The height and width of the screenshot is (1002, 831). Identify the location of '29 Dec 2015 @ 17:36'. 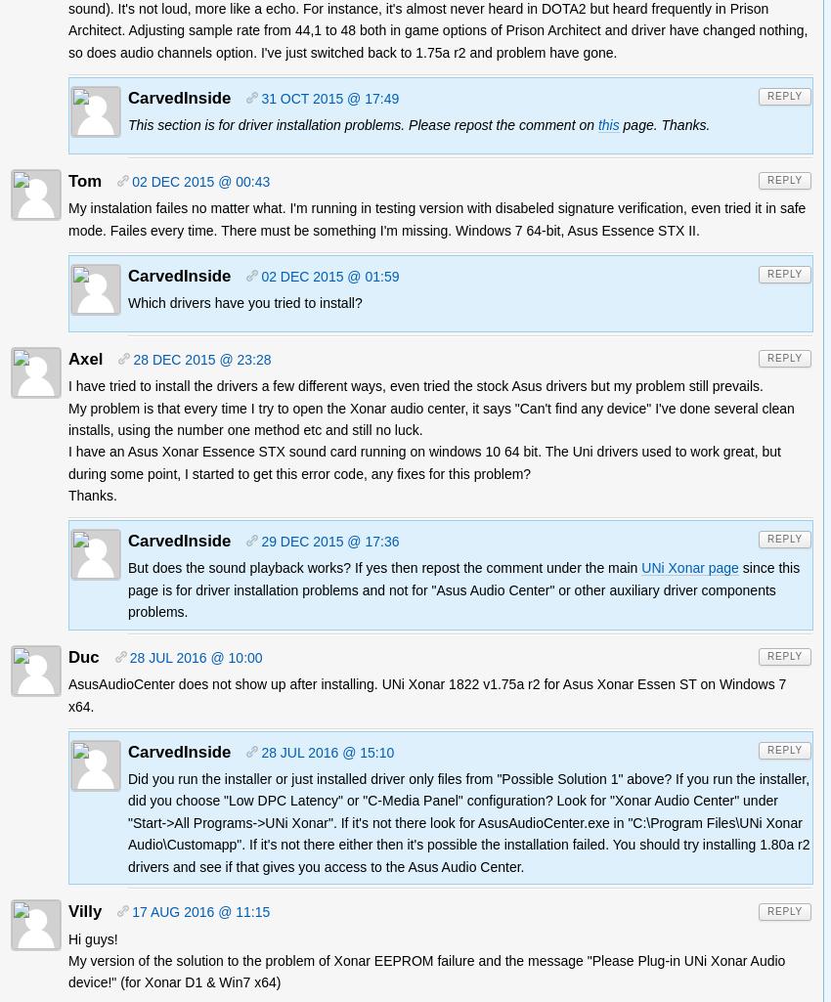
(329, 541).